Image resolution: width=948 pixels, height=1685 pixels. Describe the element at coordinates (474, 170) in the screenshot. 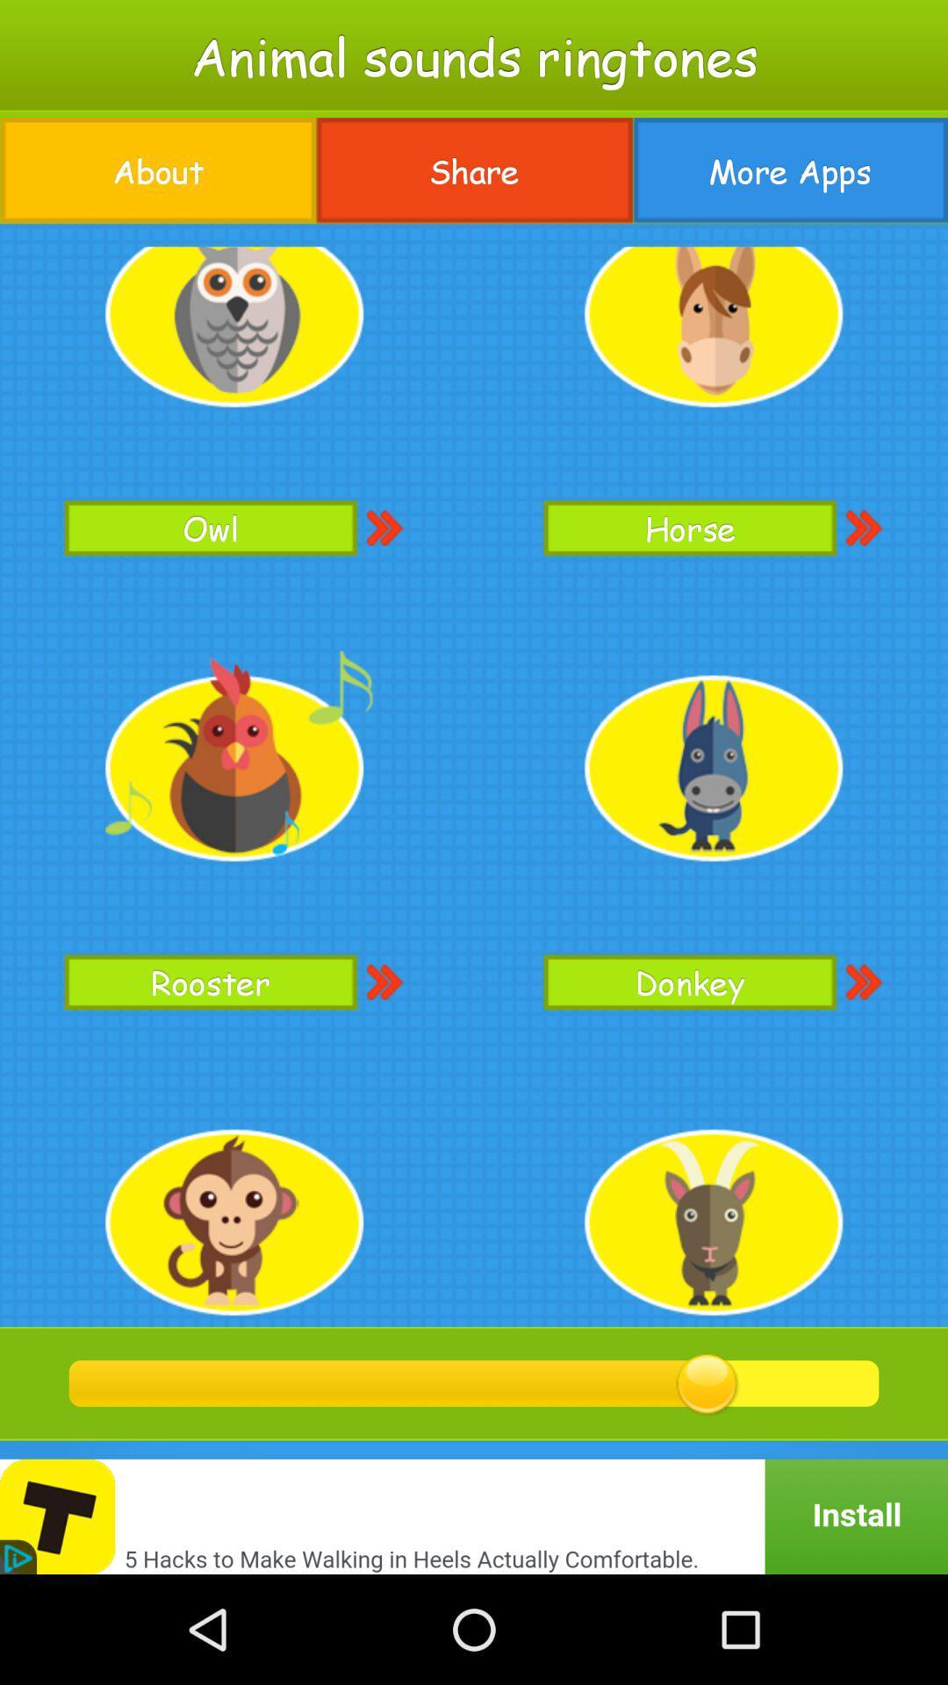

I see `icon to the right of about` at that location.